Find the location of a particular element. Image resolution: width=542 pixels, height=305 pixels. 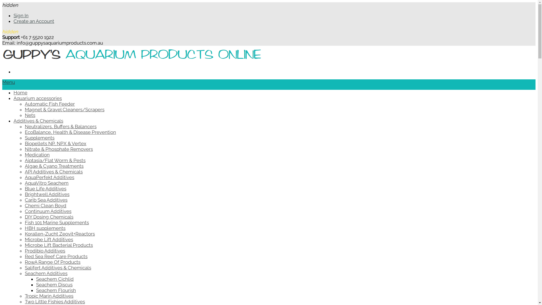

'Prodibio Additives' is located at coordinates (24, 250).